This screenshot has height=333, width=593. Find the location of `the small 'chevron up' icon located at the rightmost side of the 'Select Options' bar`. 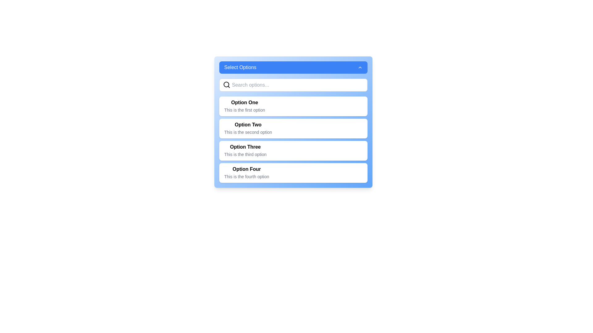

the small 'chevron up' icon located at the rightmost side of the 'Select Options' bar is located at coordinates (360, 68).